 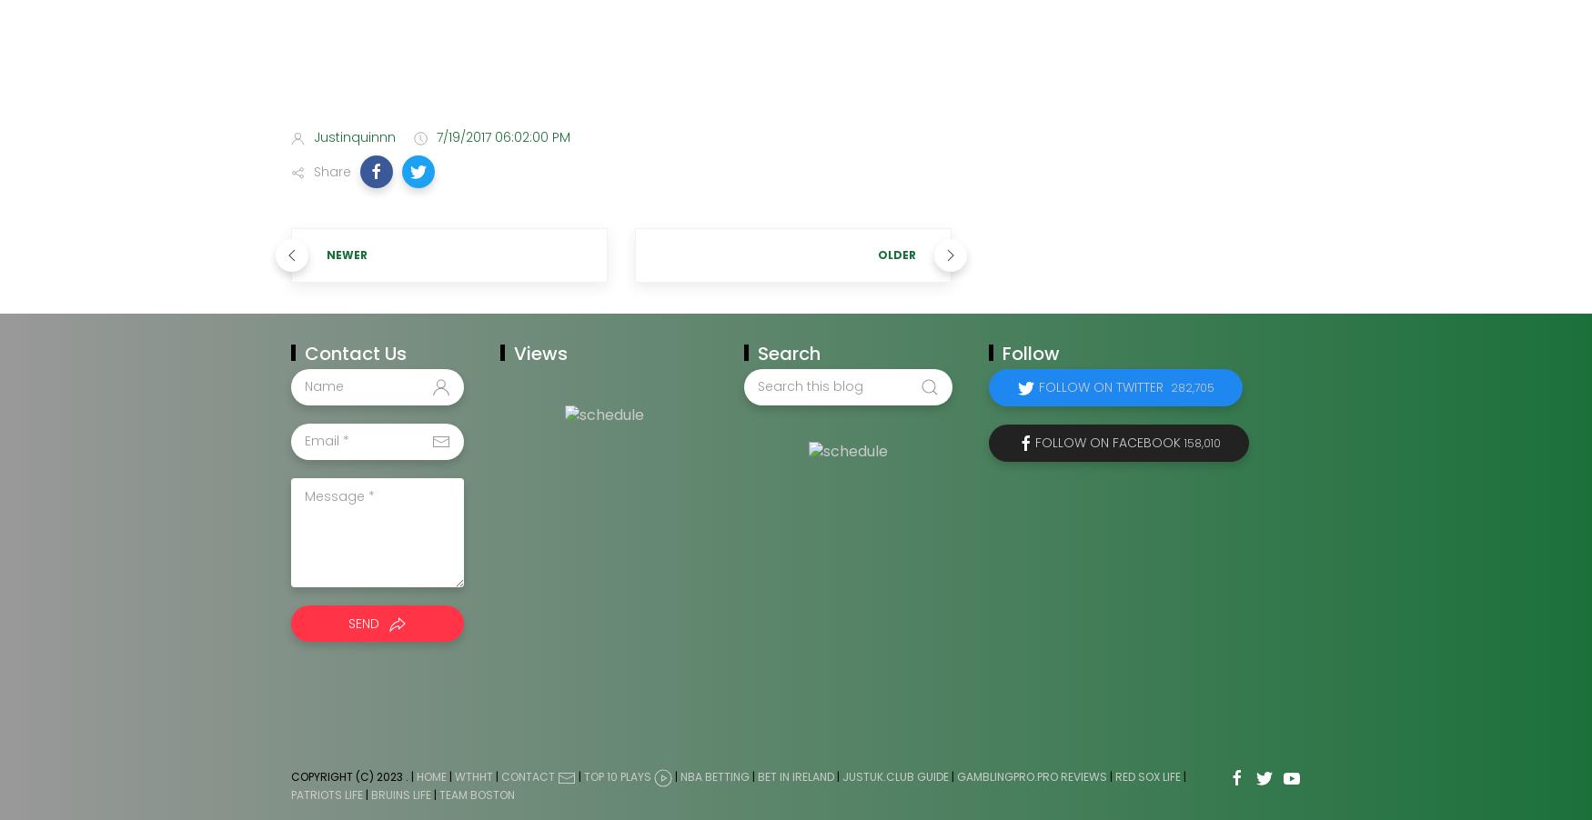 I want to click on 'Team Boston', so click(x=476, y=794).